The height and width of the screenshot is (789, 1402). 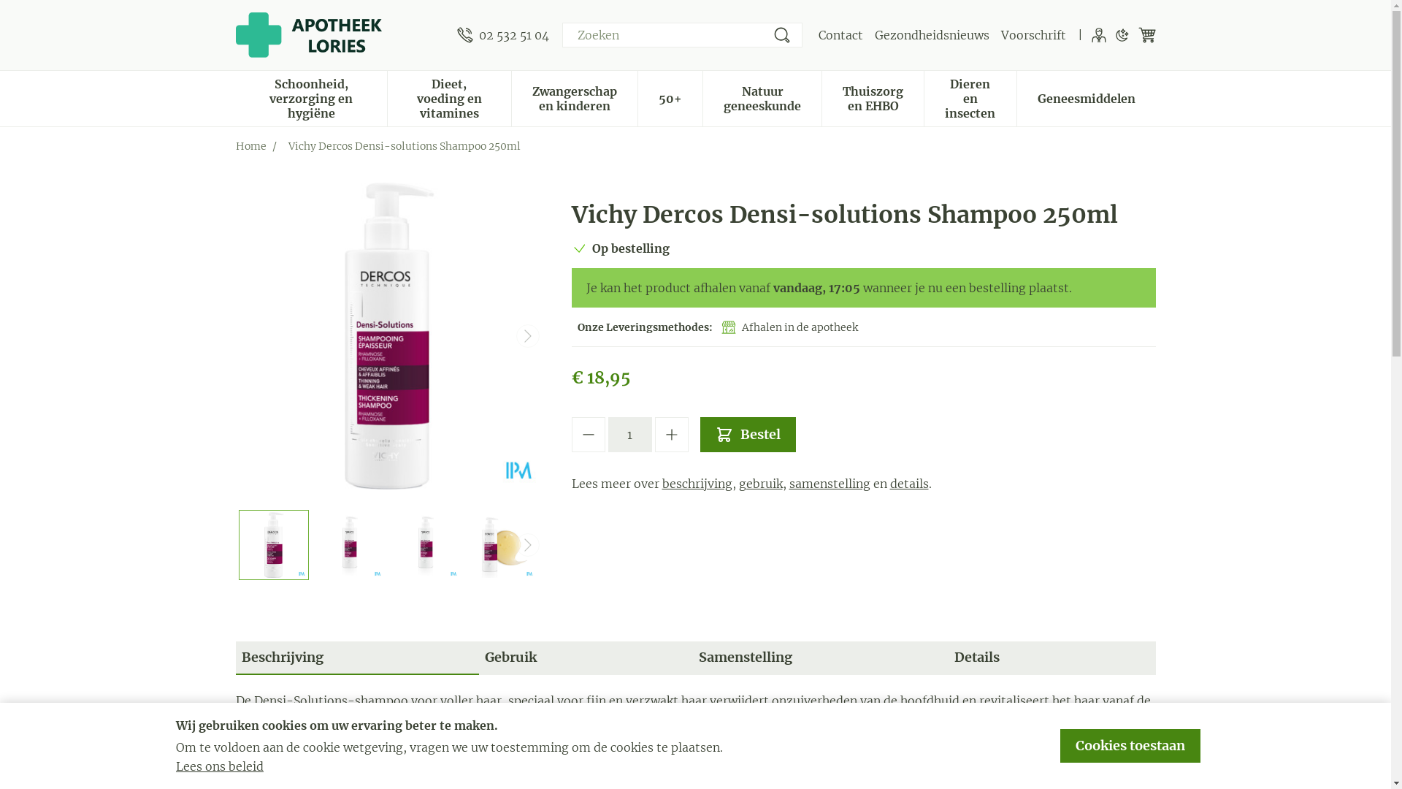 What do you see at coordinates (1145, 34) in the screenshot?
I see `'Winkelwagen'` at bounding box center [1145, 34].